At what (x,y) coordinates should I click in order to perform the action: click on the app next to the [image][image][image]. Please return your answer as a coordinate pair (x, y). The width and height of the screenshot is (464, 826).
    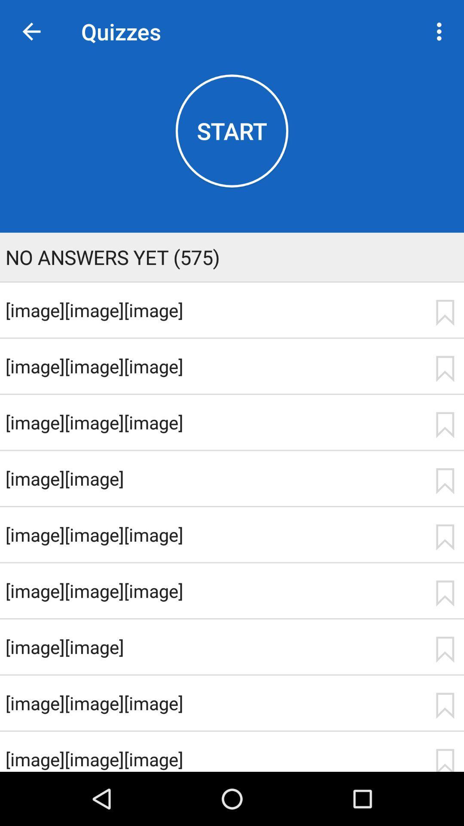
    Looking at the image, I should click on (445, 312).